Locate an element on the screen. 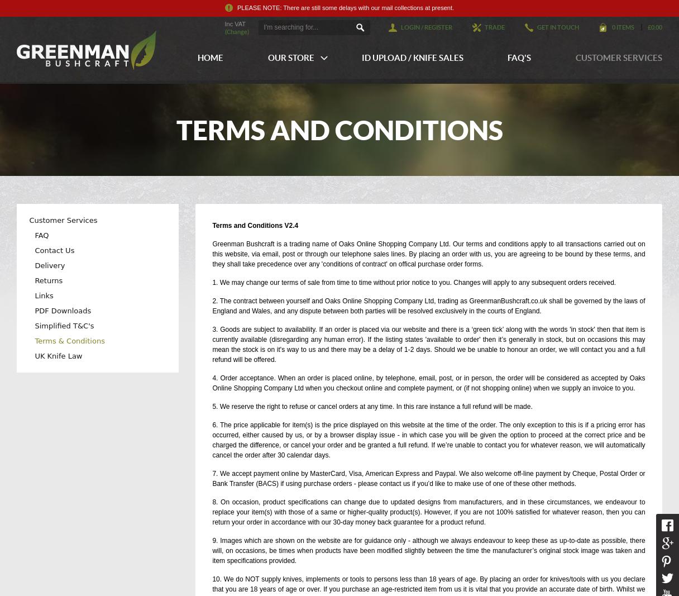 This screenshot has height=596, width=679. '4. Order acceptance. When an order is placed online, by telephone, email, post, or in person, the order will be considered as accepted by Oaks Online Shopping Company Ltd when you checkout online and complete payment, or (if not shopping online) when we supply an invoice to you.' is located at coordinates (428, 383).